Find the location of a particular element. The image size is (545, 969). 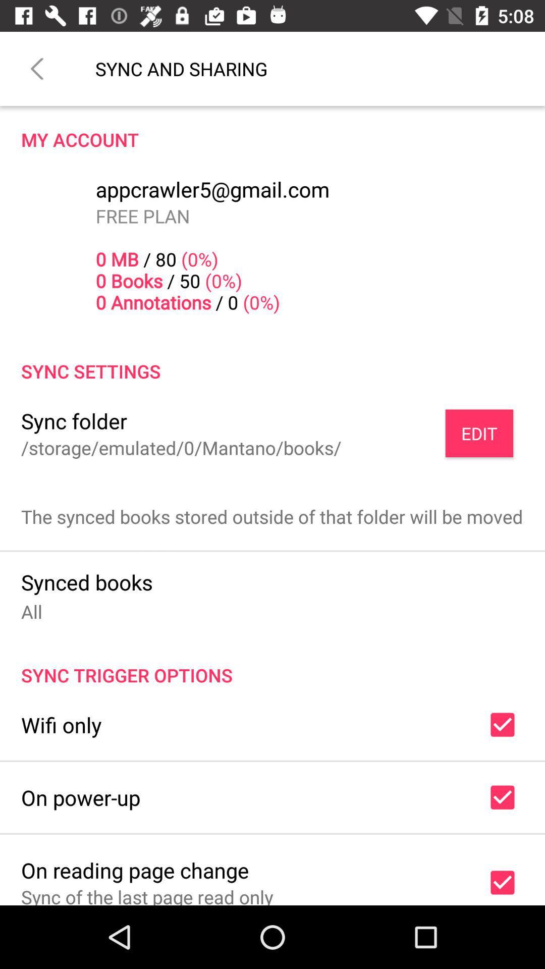

the icon to the left of the edit item is located at coordinates (181, 447).